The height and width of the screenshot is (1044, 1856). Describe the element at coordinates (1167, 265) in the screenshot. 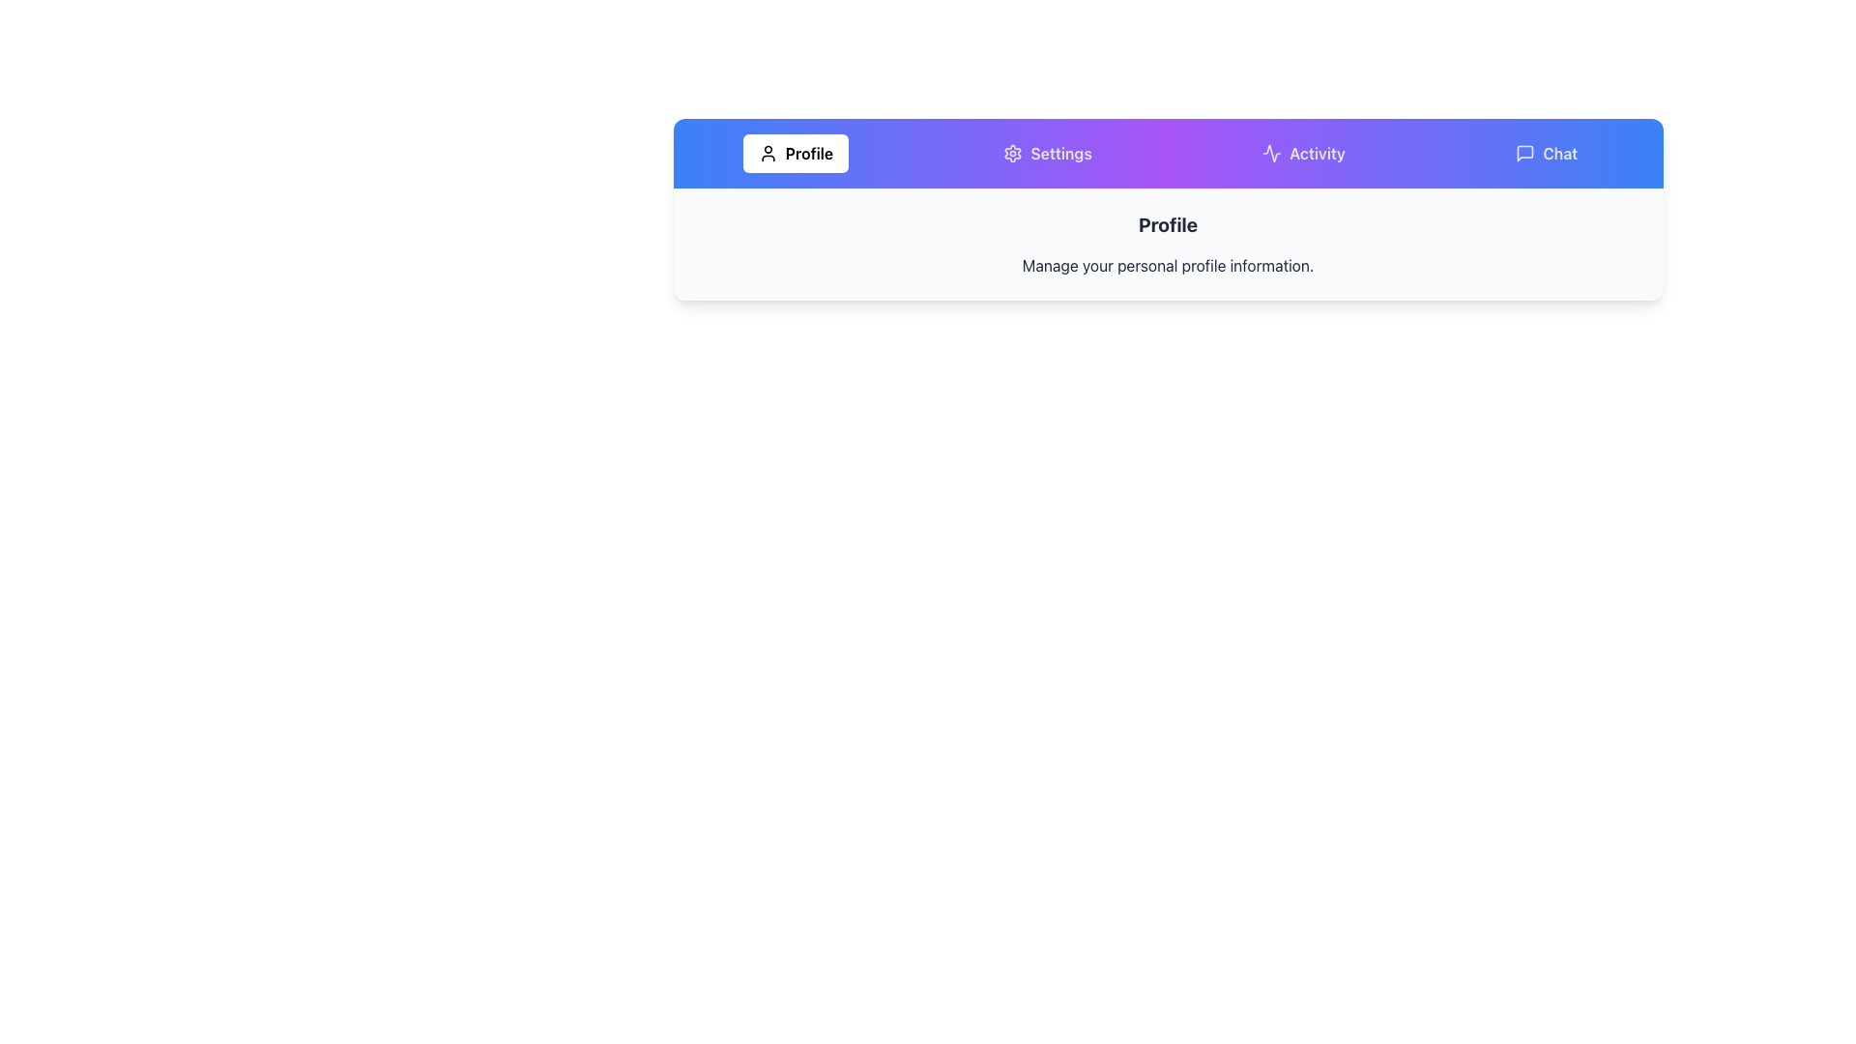

I see `the static text label that states 'Manage your personal profile information.' which is positioned below the bold title 'Profile'` at that location.